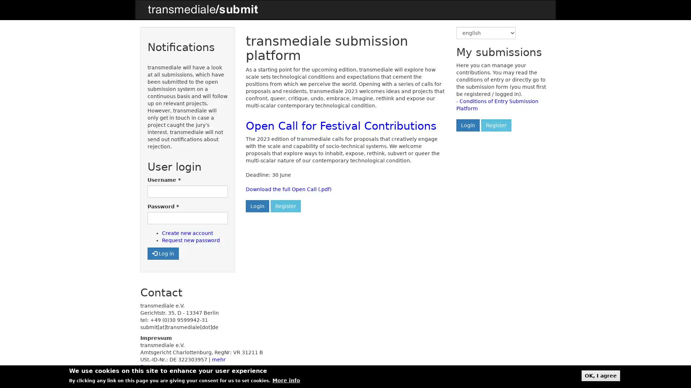  I want to click on Login, so click(257, 206).